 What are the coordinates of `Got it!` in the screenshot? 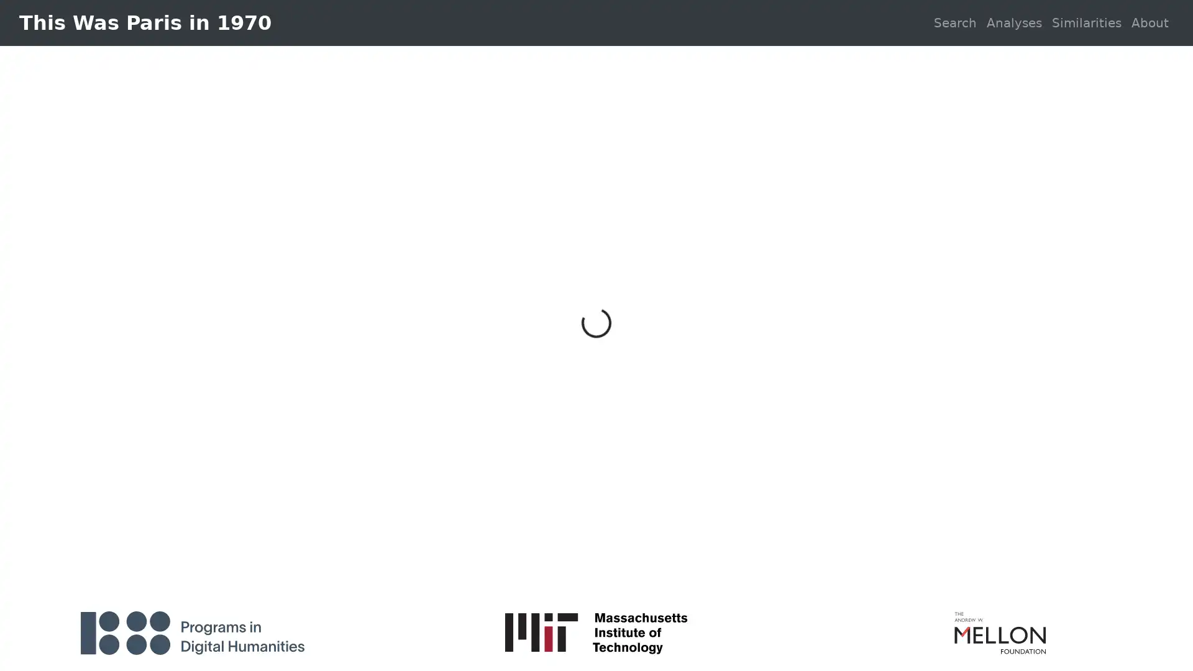 It's located at (811, 421).